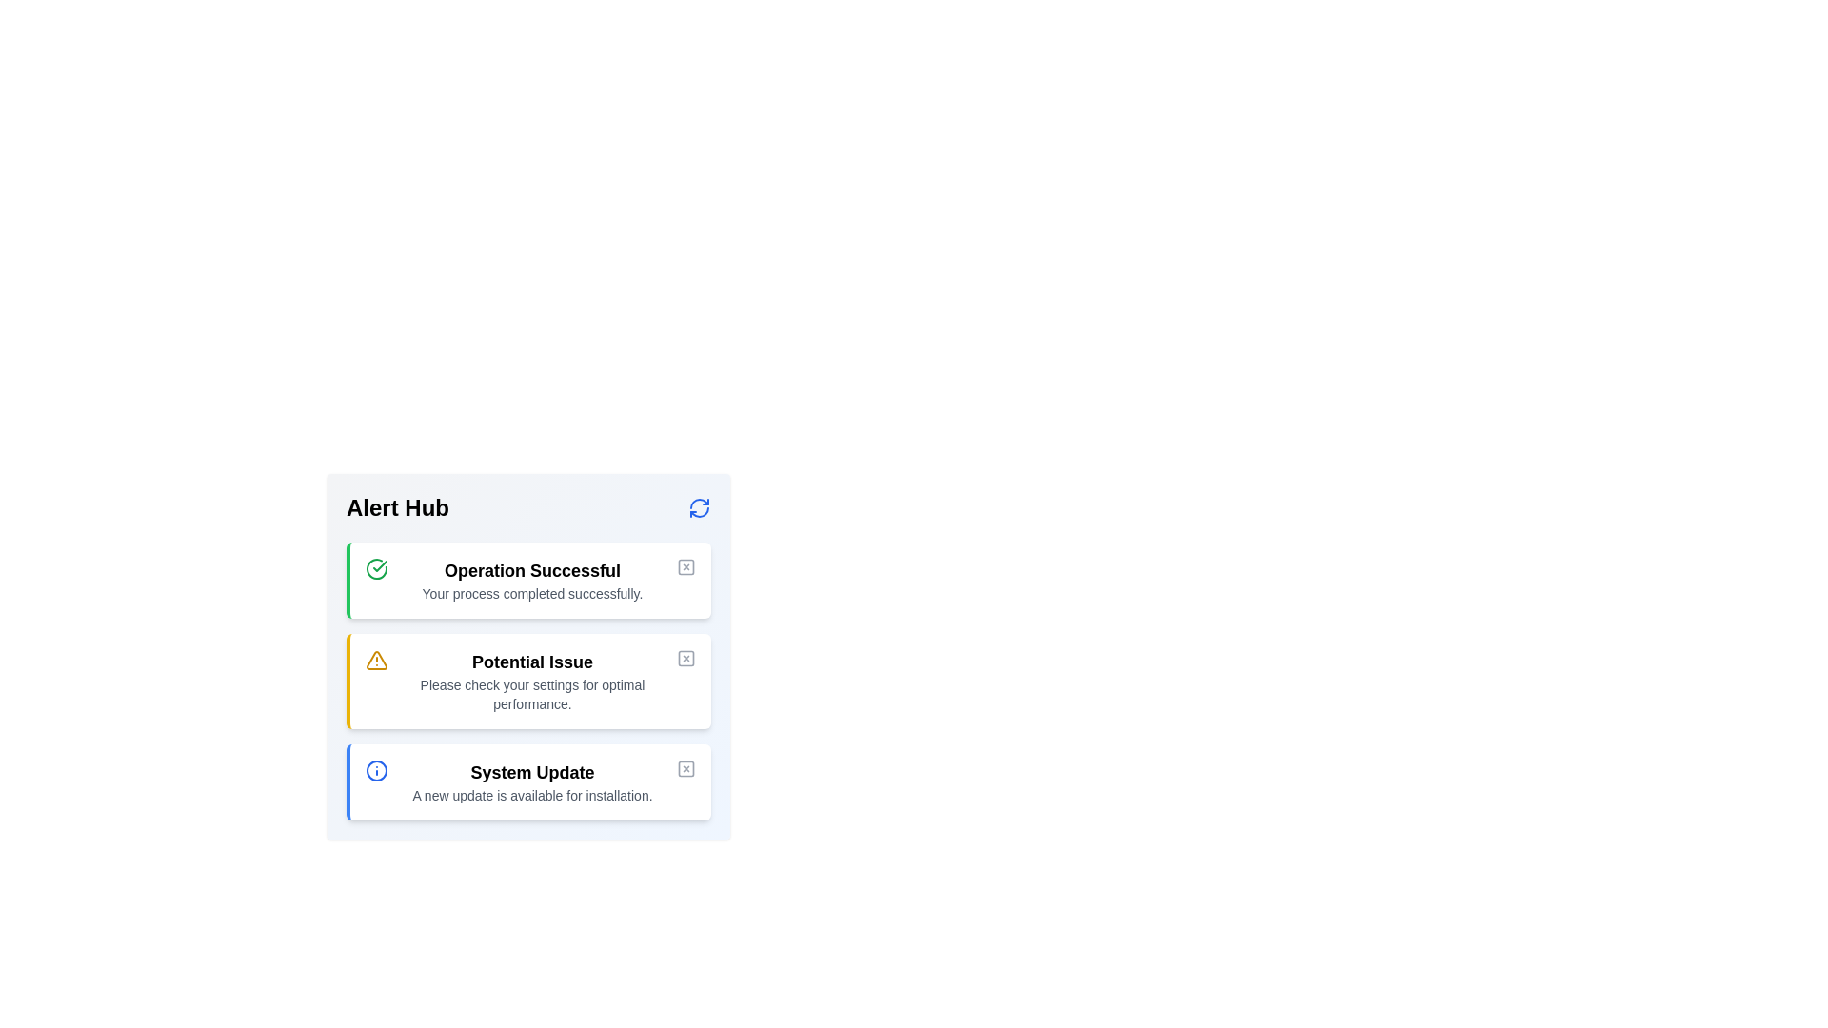  I want to click on message in the notification block titled 'Potential Issue', which is indicated by a yellow bar on its left edge and contains the message 'Please check your settings for optimal performance.', so click(528, 681).